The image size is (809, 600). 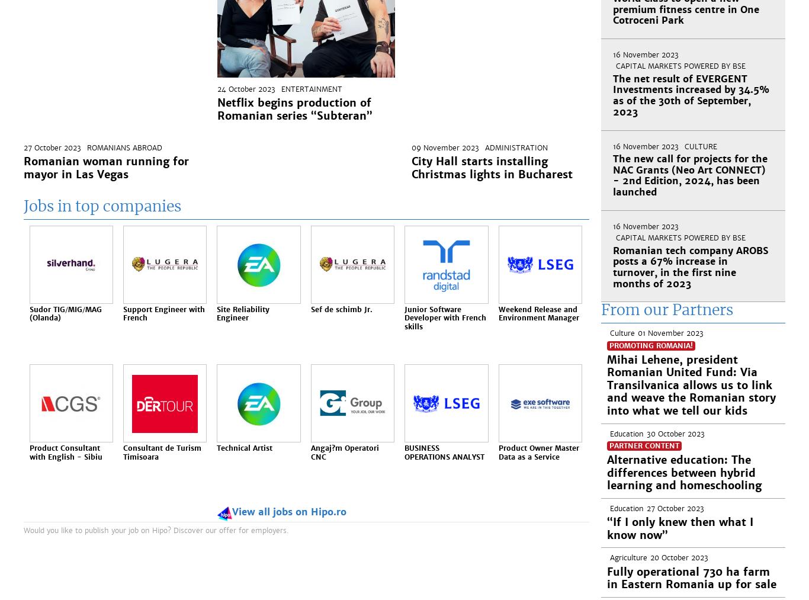 What do you see at coordinates (289, 511) in the screenshot?
I see `'View all jobs on Hipo.ro'` at bounding box center [289, 511].